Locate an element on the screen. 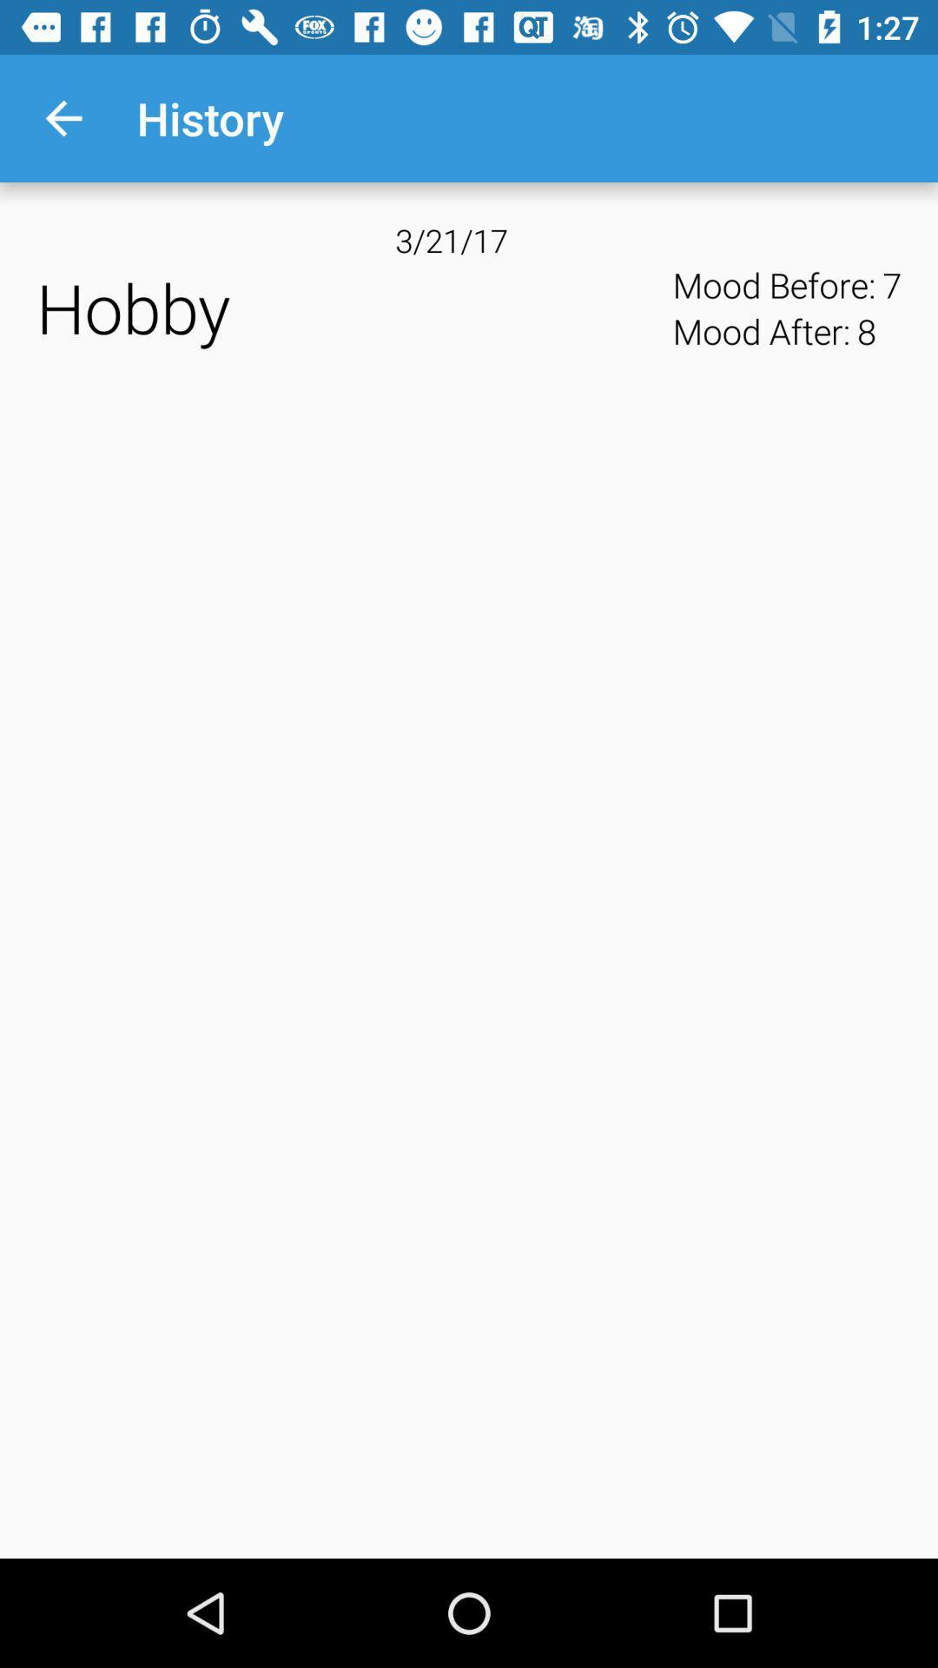  3/21/17 icon is located at coordinates (469, 239).